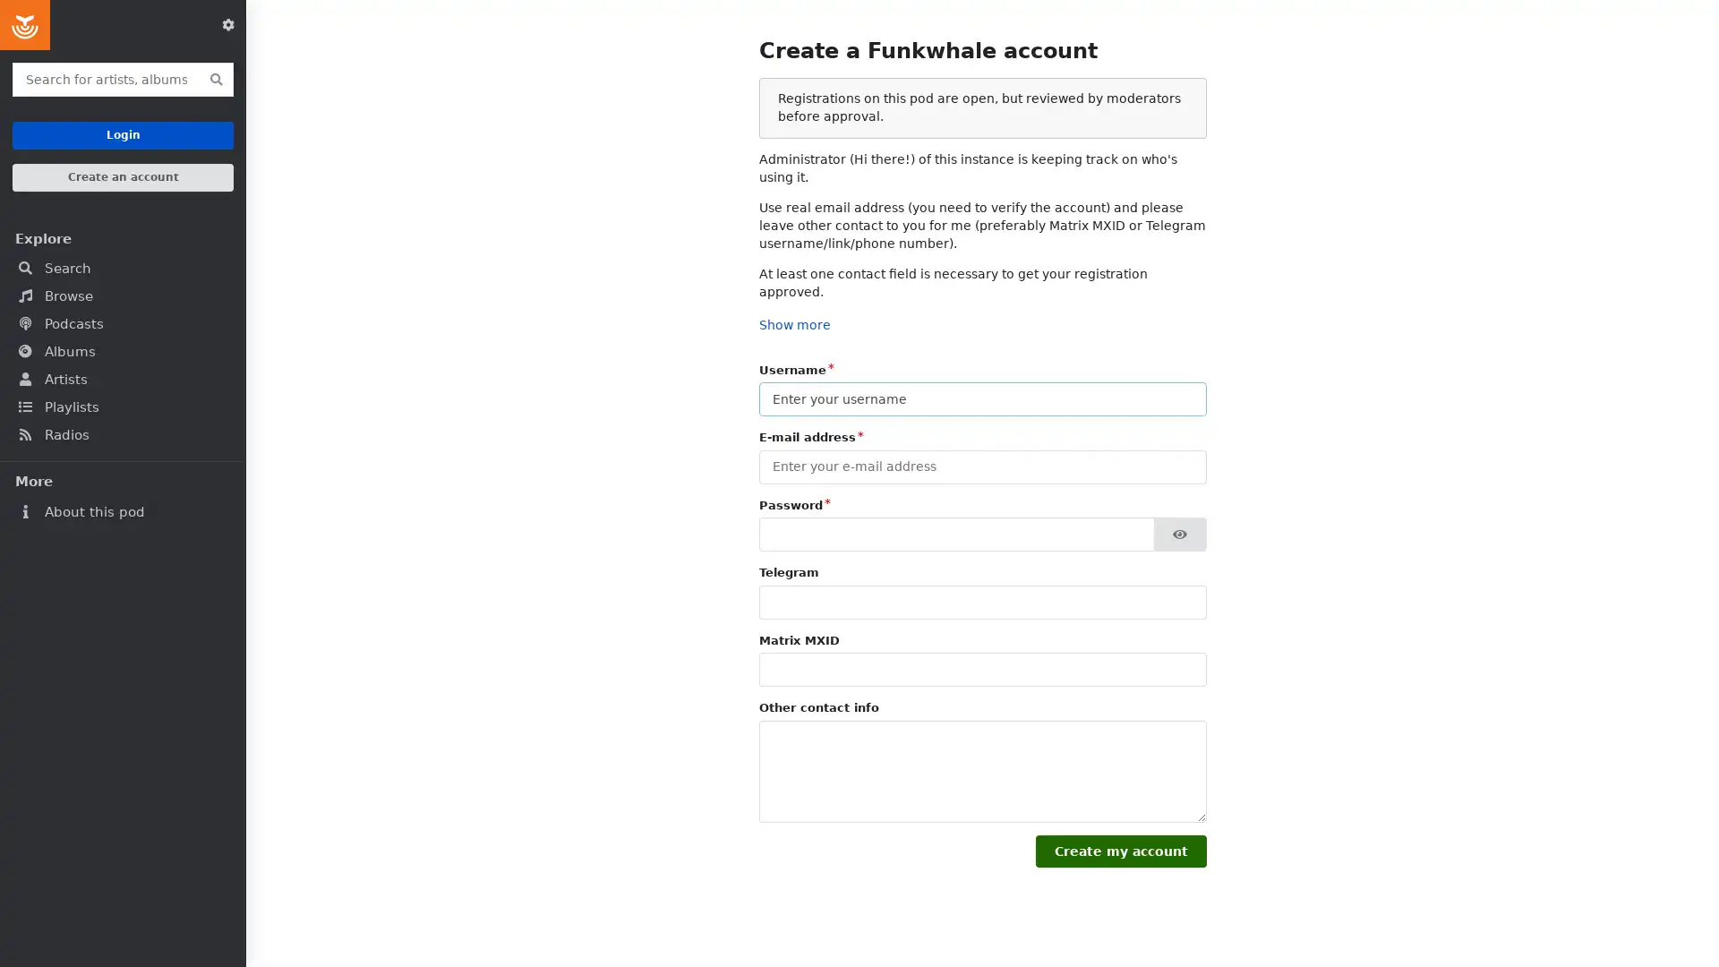  I want to click on Create my account, so click(1119, 849).